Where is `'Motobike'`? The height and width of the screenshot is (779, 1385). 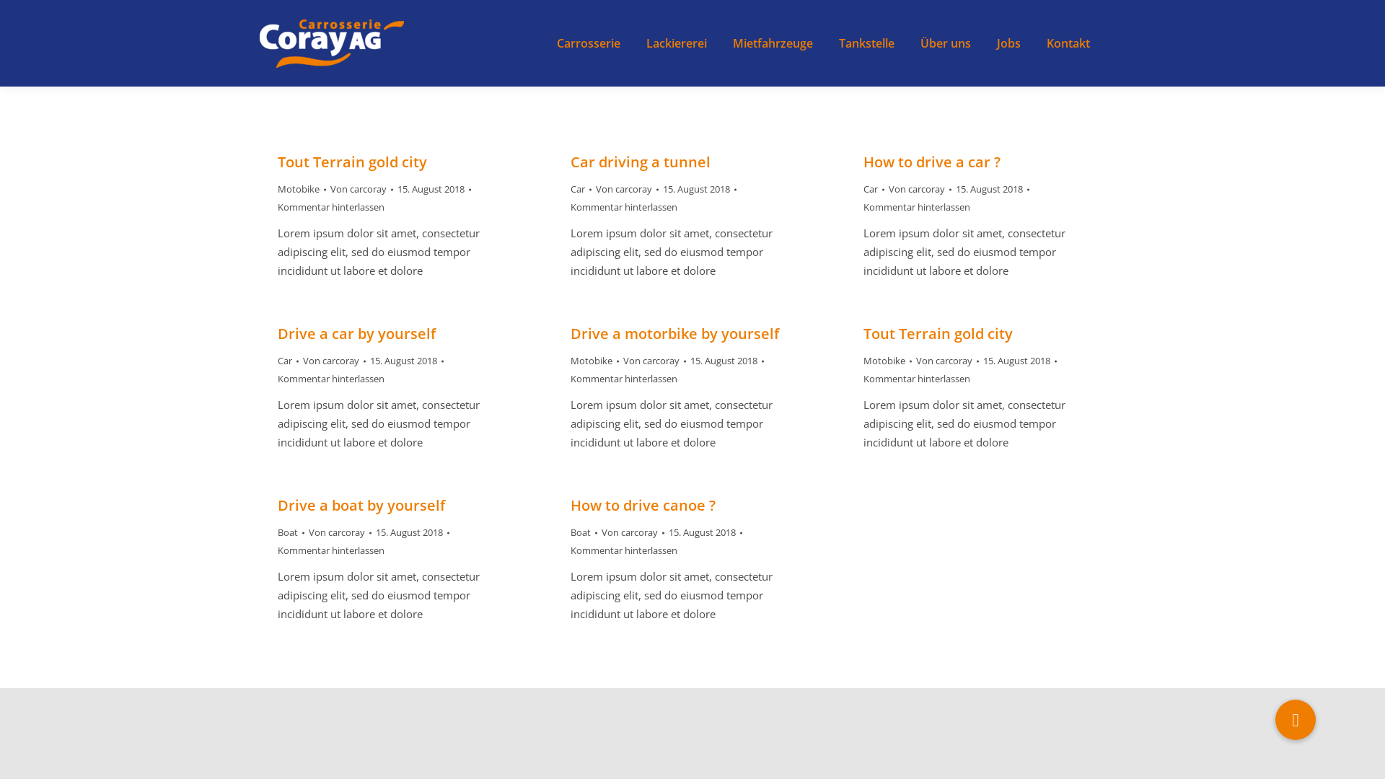 'Motobike' is located at coordinates (297, 188).